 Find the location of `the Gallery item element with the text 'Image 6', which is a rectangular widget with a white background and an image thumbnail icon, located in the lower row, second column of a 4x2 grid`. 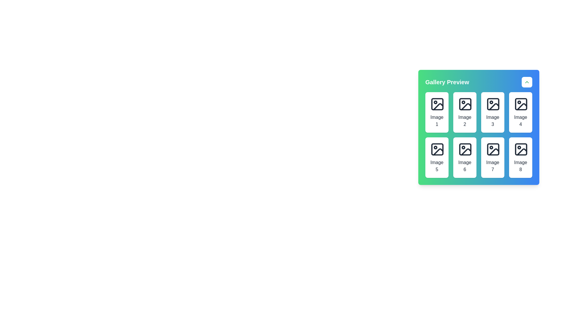

the Gallery item element with the text 'Image 6', which is a rectangular widget with a white background and an image thumbnail icon, located in the lower row, second column of a 4x2 grid is located at coordinates (464, 157).